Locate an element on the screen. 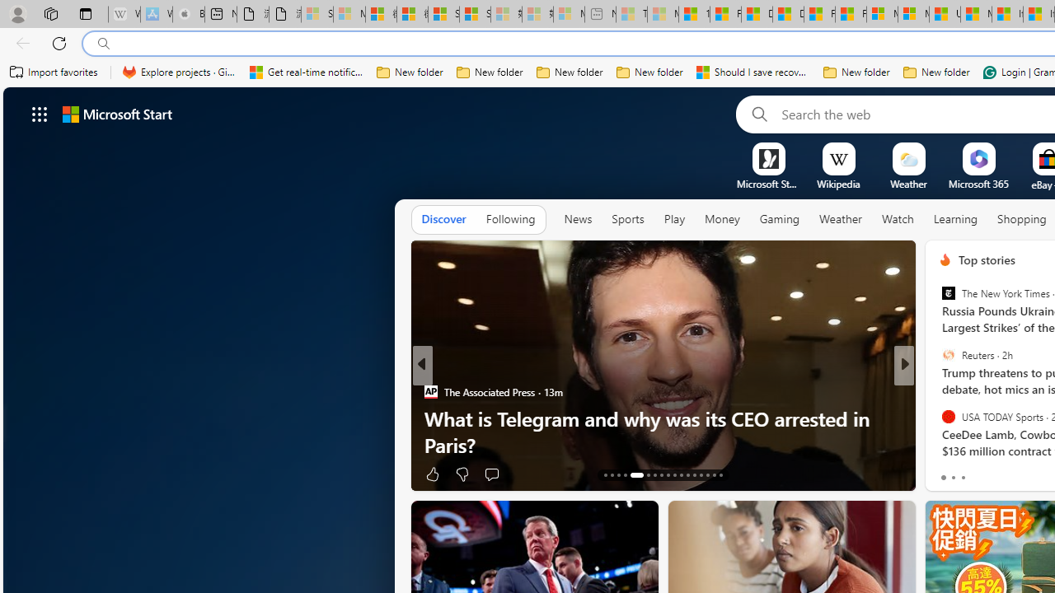 This screenshot has height=593, width=1055. '21 Like' is located at coordinates (947, 474).